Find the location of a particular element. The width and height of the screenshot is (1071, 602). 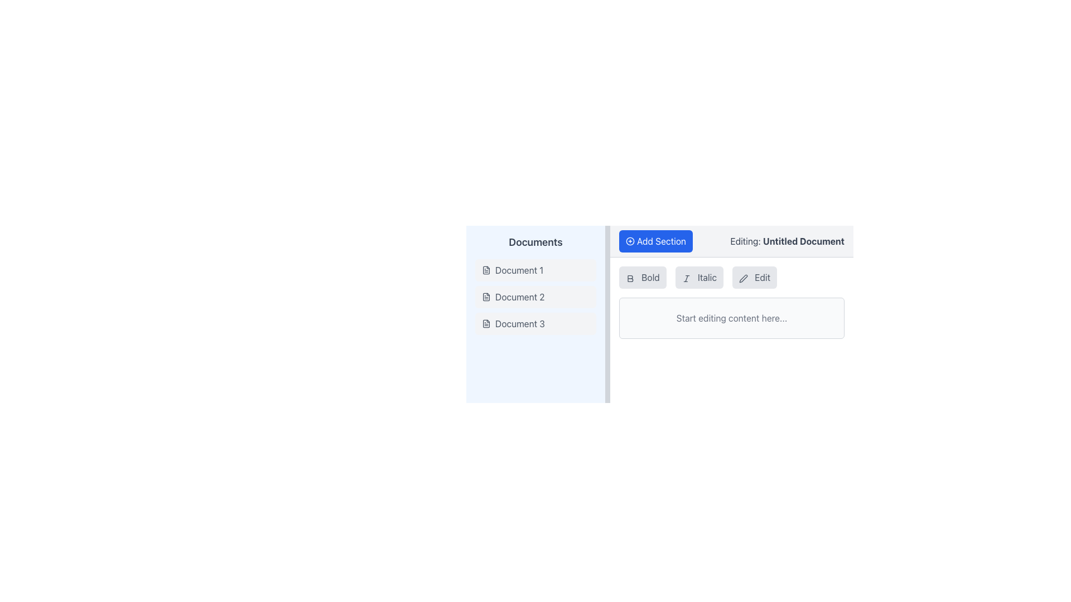

the document type icon associated with 'Document 3' is located at coordinates (486, 324).